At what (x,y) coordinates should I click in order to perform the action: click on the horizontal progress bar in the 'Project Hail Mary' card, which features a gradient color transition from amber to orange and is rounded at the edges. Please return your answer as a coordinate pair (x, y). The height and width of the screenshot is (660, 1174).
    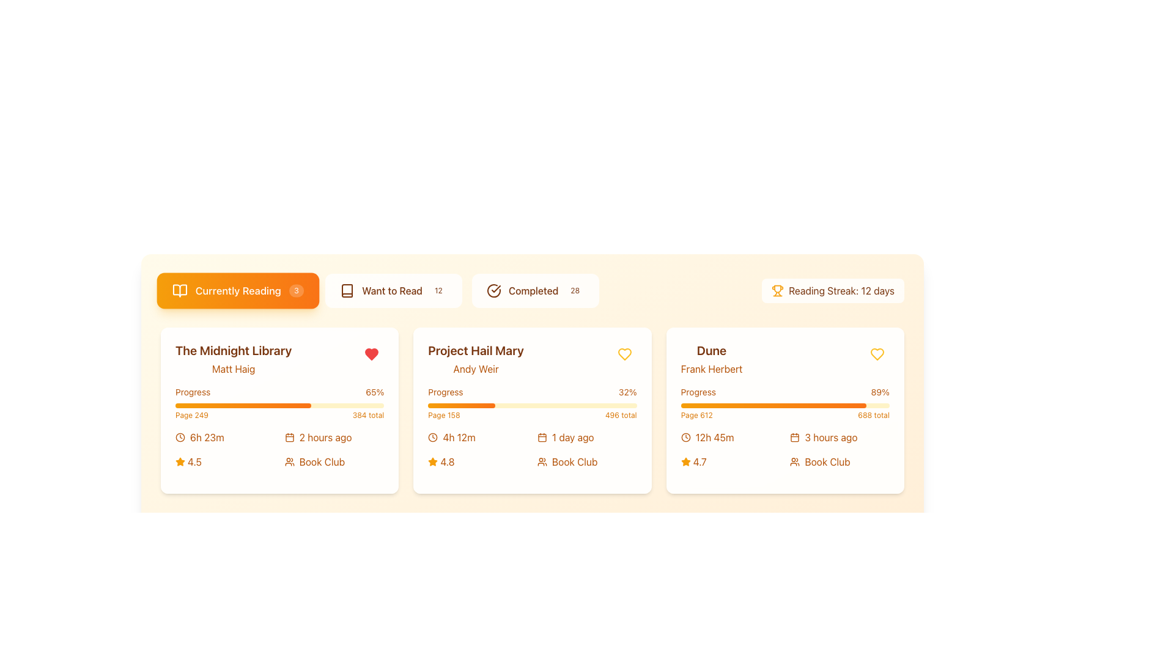
    Looking at the image, I should click on (460, 405).